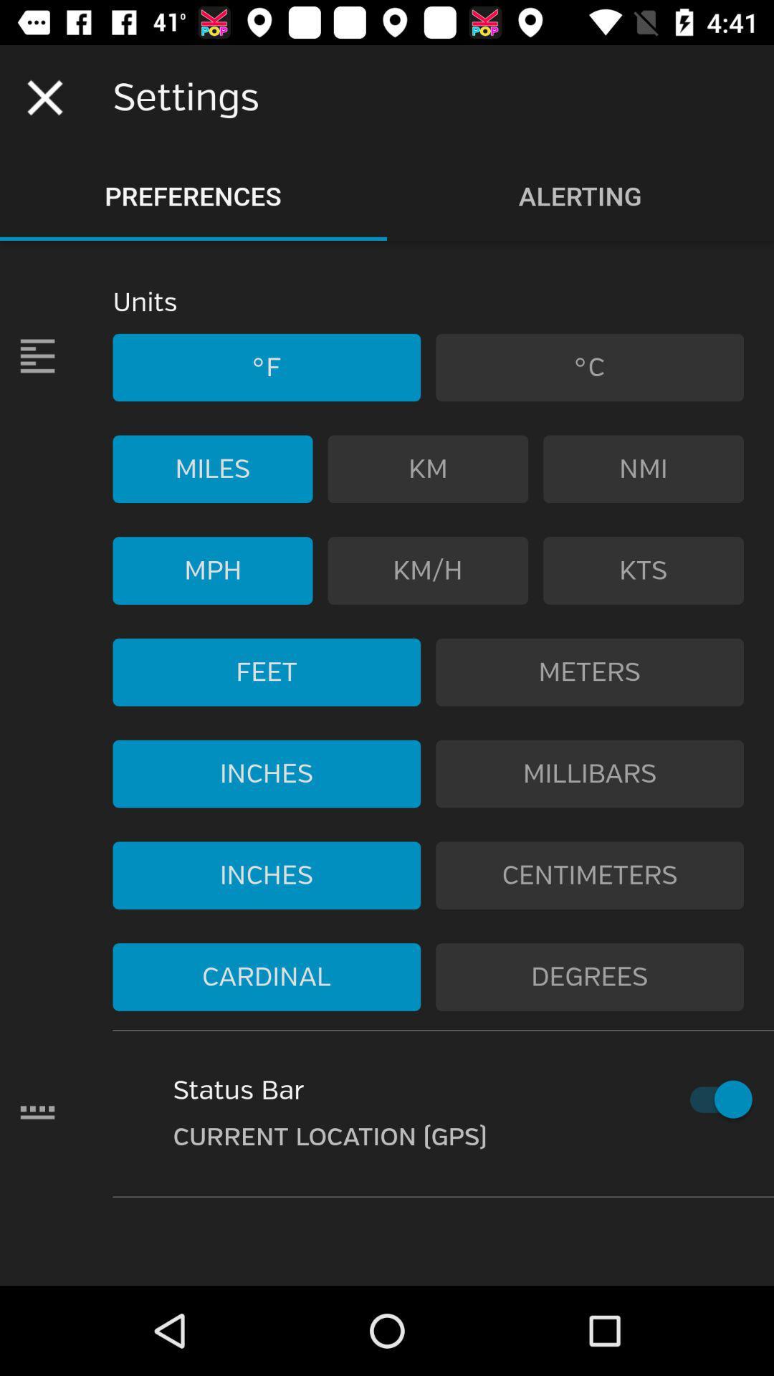 The image size is (774, 1376). What do you see at coordinates (643, 469) in the screenshot?
I see `the item next to the km item` at bounding box center [643, 469].